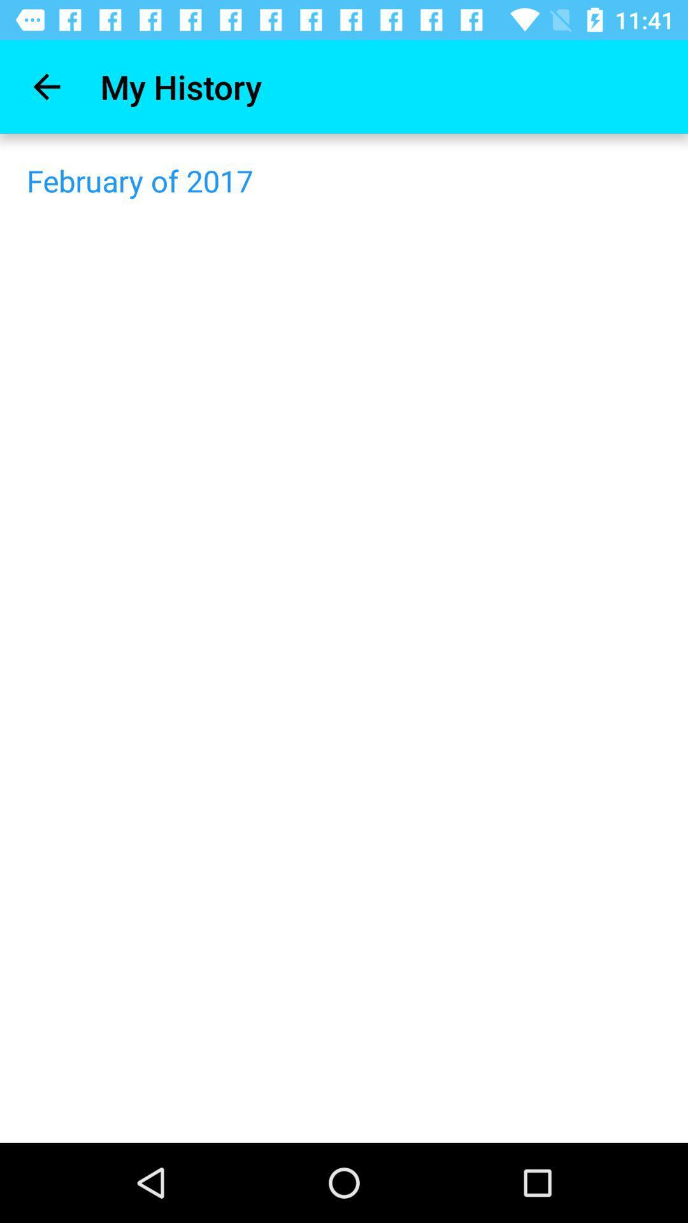 This screenshot has width=688, height=1223. I want to click on the icon above february of 2017 icon, so click(46, 86).